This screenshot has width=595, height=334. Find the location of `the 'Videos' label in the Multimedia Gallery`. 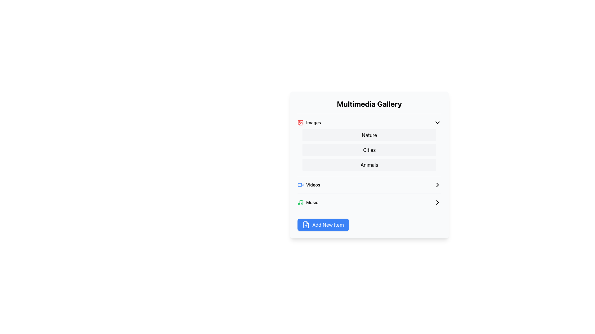

the 'Videos' label in the Multimedia Gallery is located at coordinates (309, 184).